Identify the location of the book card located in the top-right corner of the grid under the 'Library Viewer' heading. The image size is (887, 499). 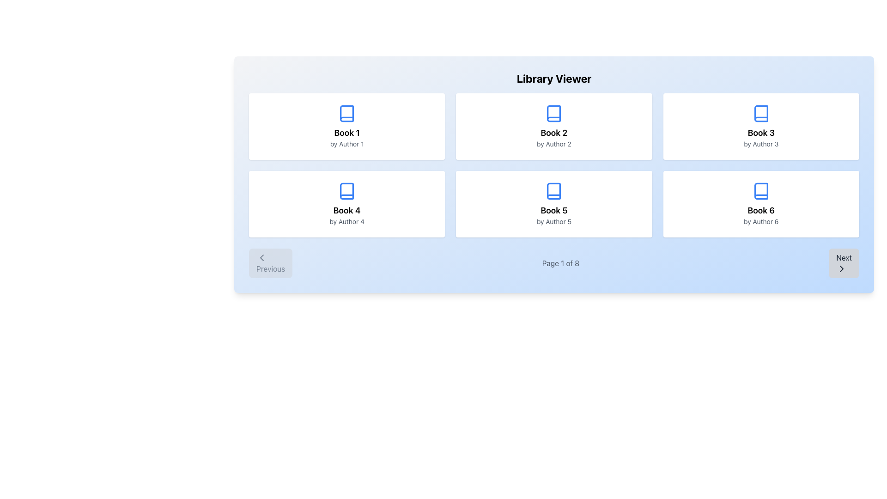
(761, 126).